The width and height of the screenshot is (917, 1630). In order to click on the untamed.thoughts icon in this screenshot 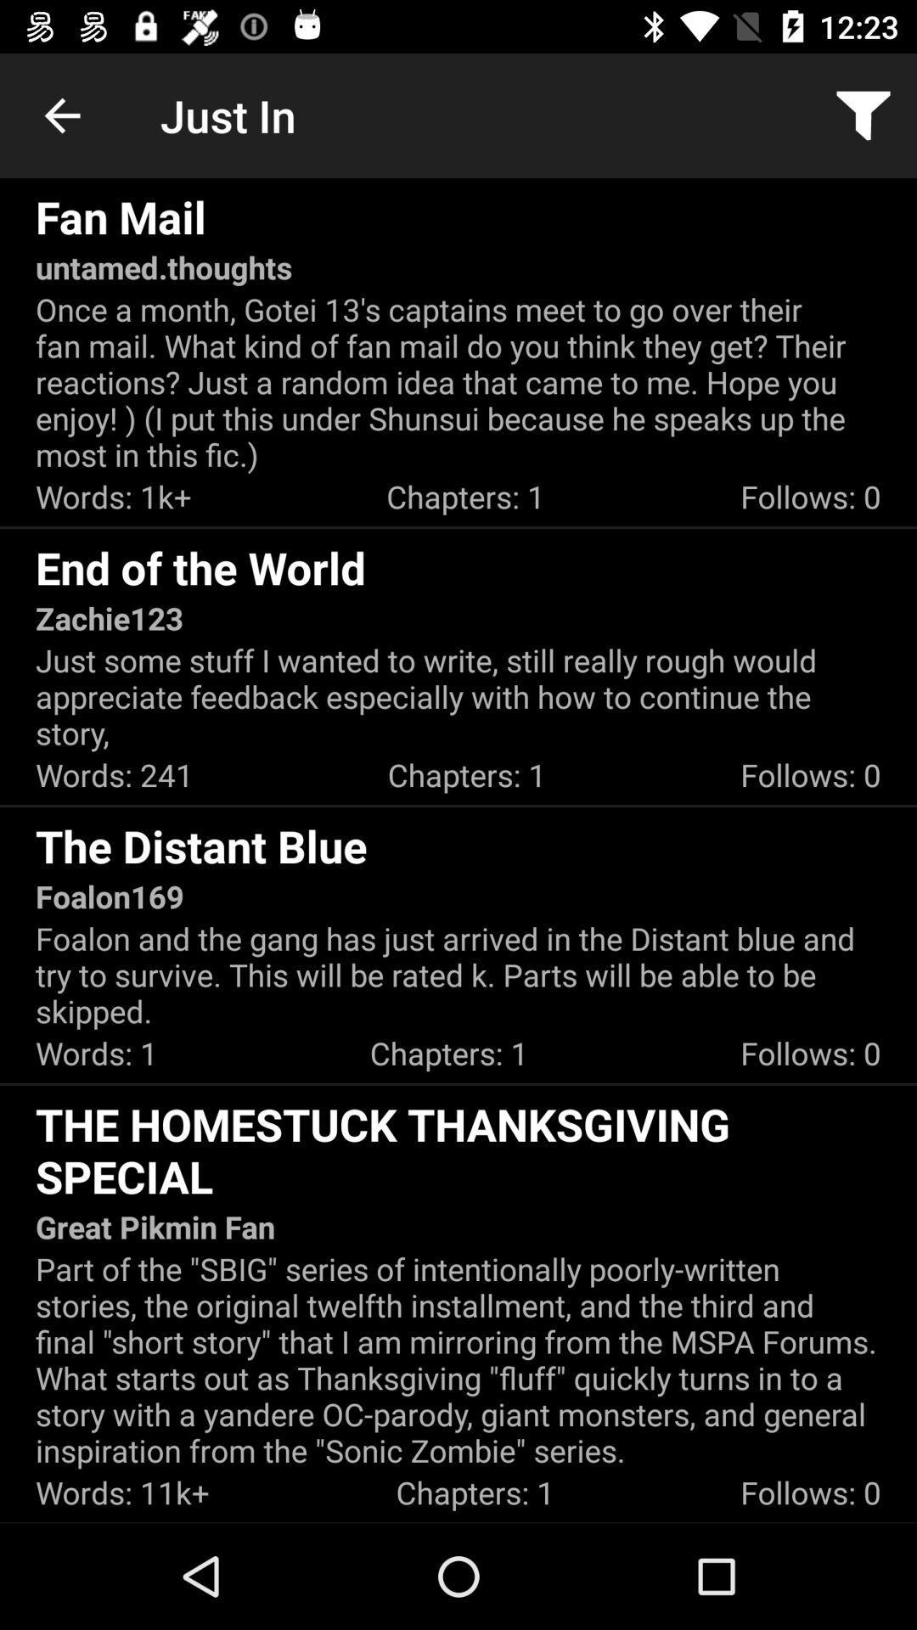, I will do `click(164, 267)`.